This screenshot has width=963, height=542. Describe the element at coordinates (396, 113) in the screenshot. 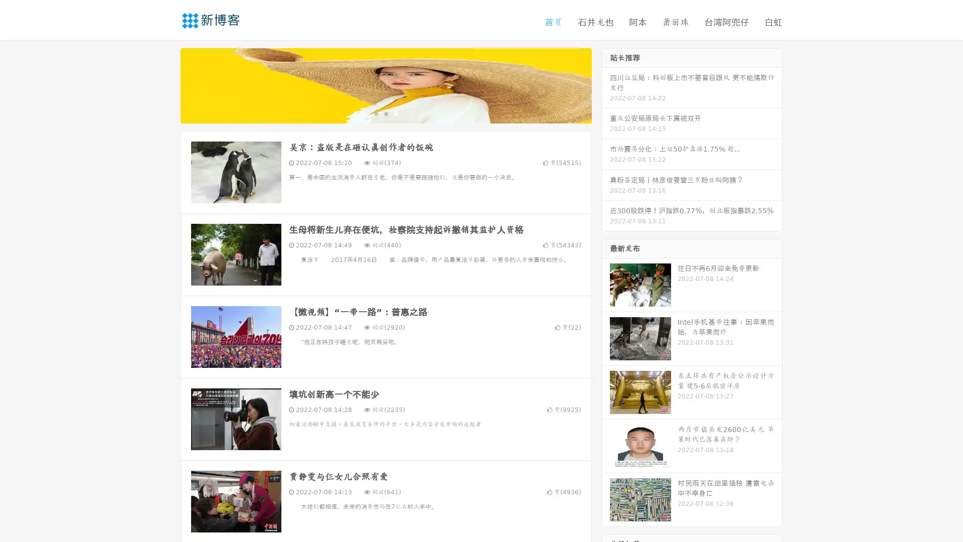

I see `Go to slide 3` at that location.